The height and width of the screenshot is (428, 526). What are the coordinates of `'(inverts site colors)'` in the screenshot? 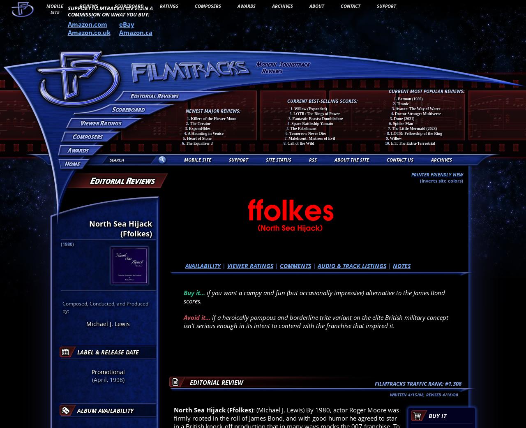 It's located at (441, 180).